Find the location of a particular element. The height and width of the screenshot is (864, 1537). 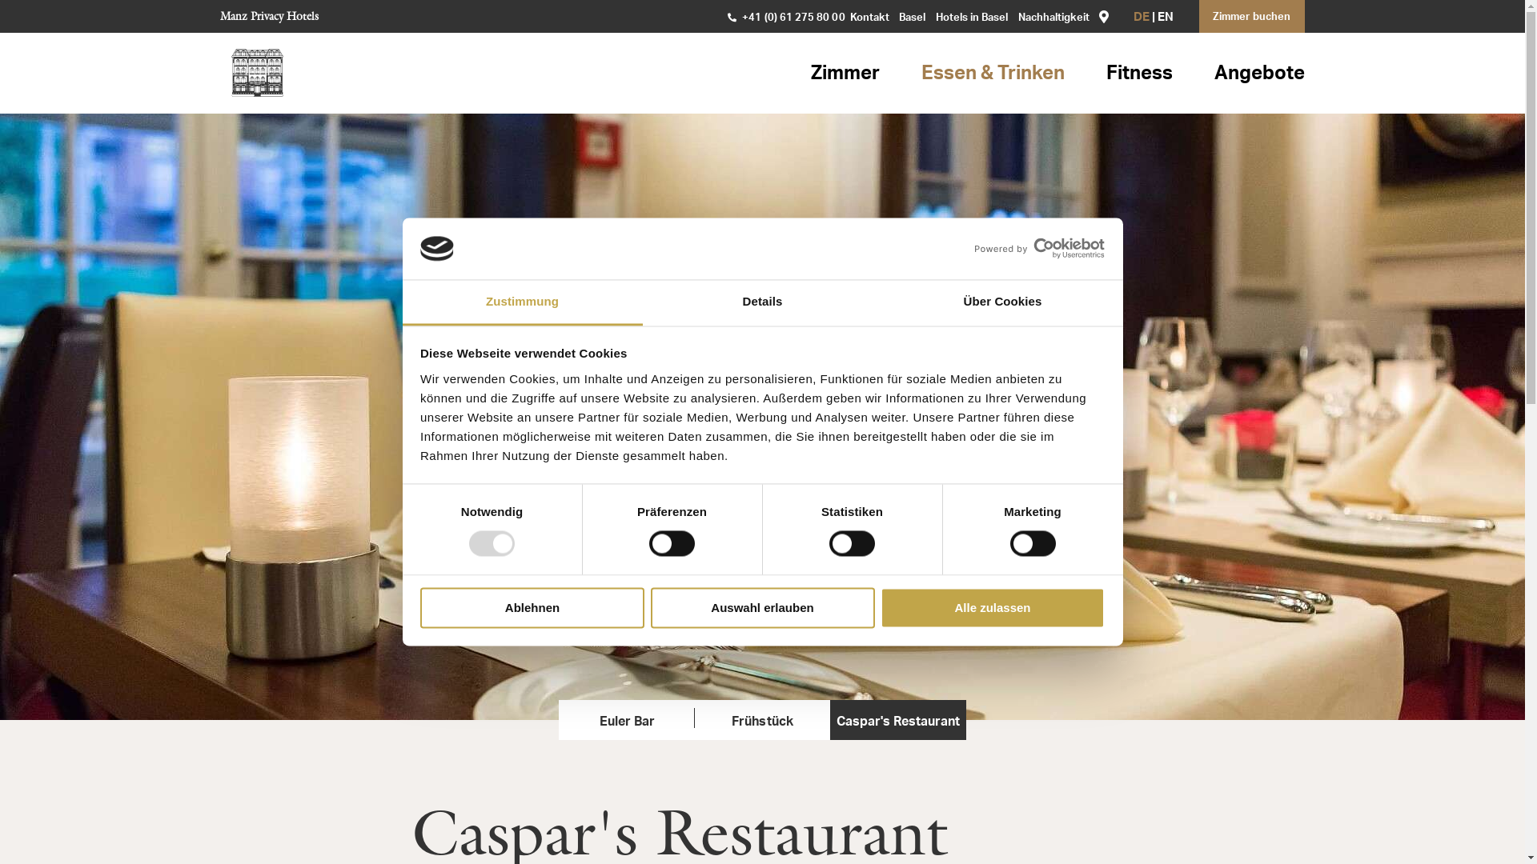

'DE' is located at coordinates (1140, 18).